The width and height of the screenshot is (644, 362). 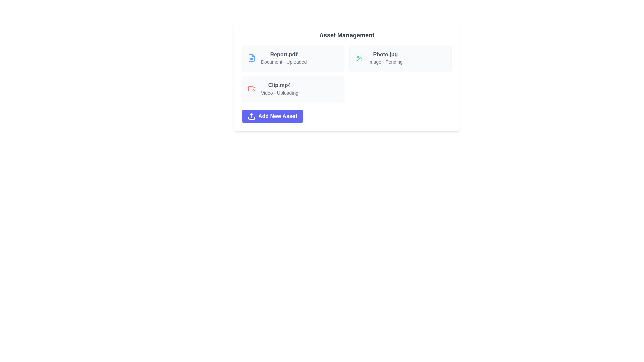 I want to click on the asset card corresponding to Report.pdf to view its details, so click(x=293, y=58).